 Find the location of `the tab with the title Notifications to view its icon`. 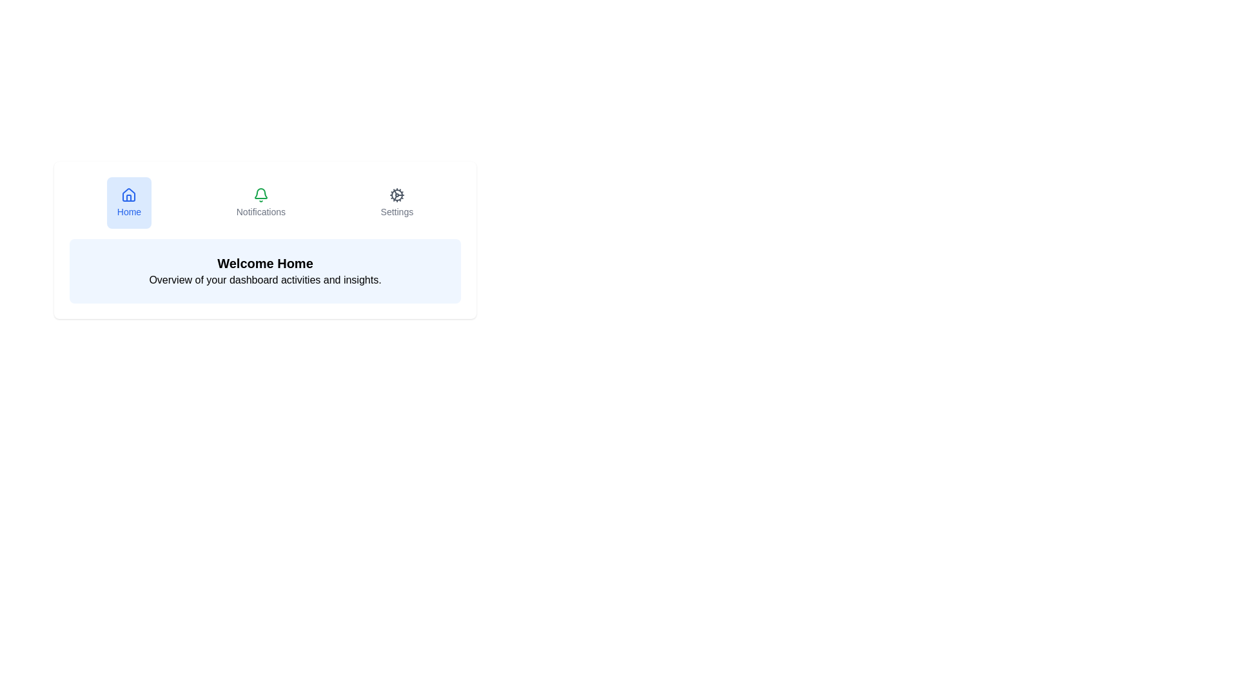

the tab with the title Notifications to view its icon is located at coordinates (259, 203).